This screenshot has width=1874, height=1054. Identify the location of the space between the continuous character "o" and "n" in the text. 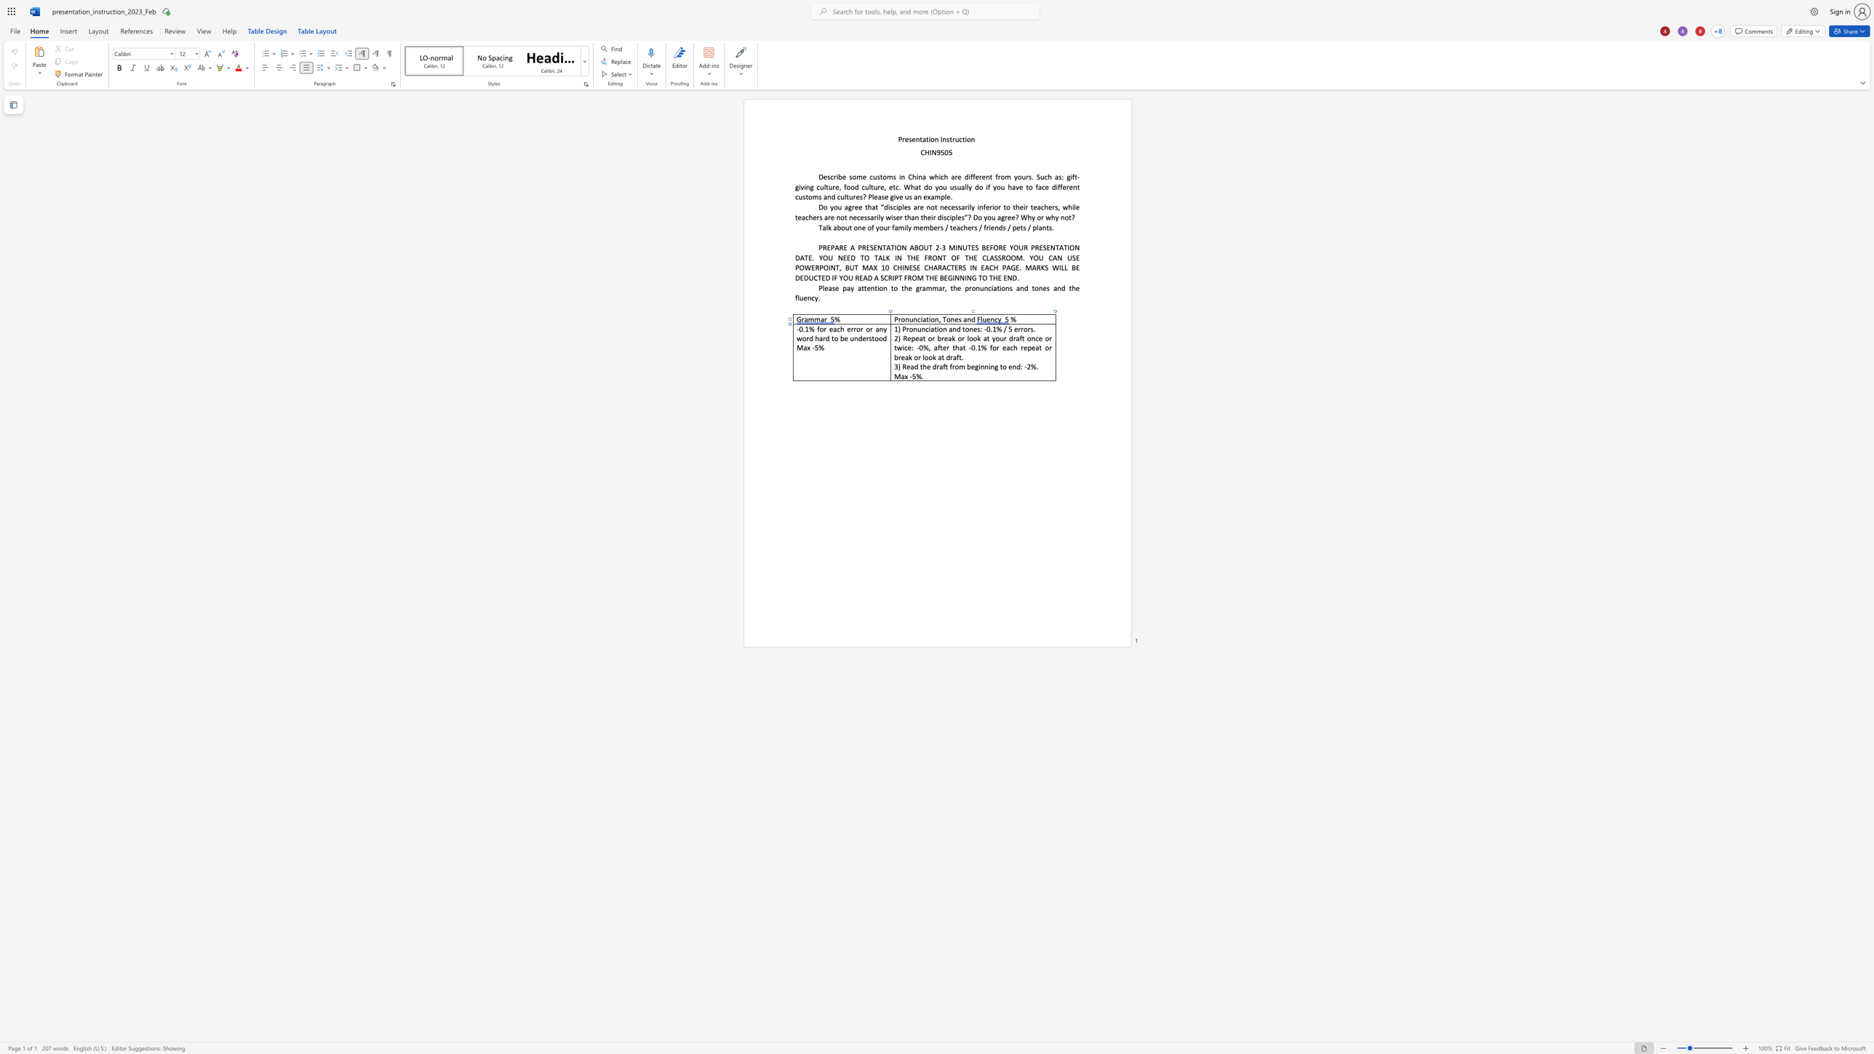
(1031, 338).